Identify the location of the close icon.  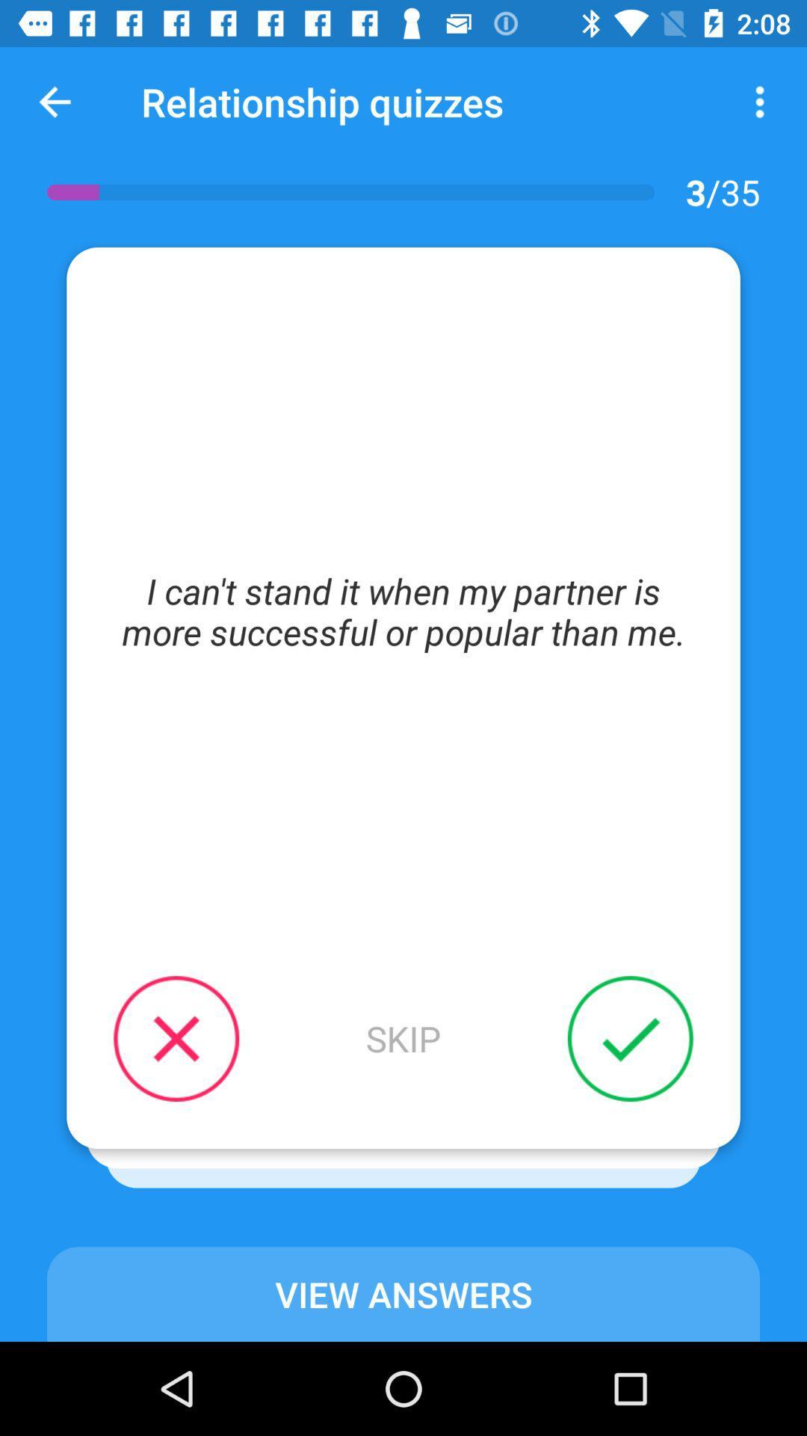
(195, 1058).